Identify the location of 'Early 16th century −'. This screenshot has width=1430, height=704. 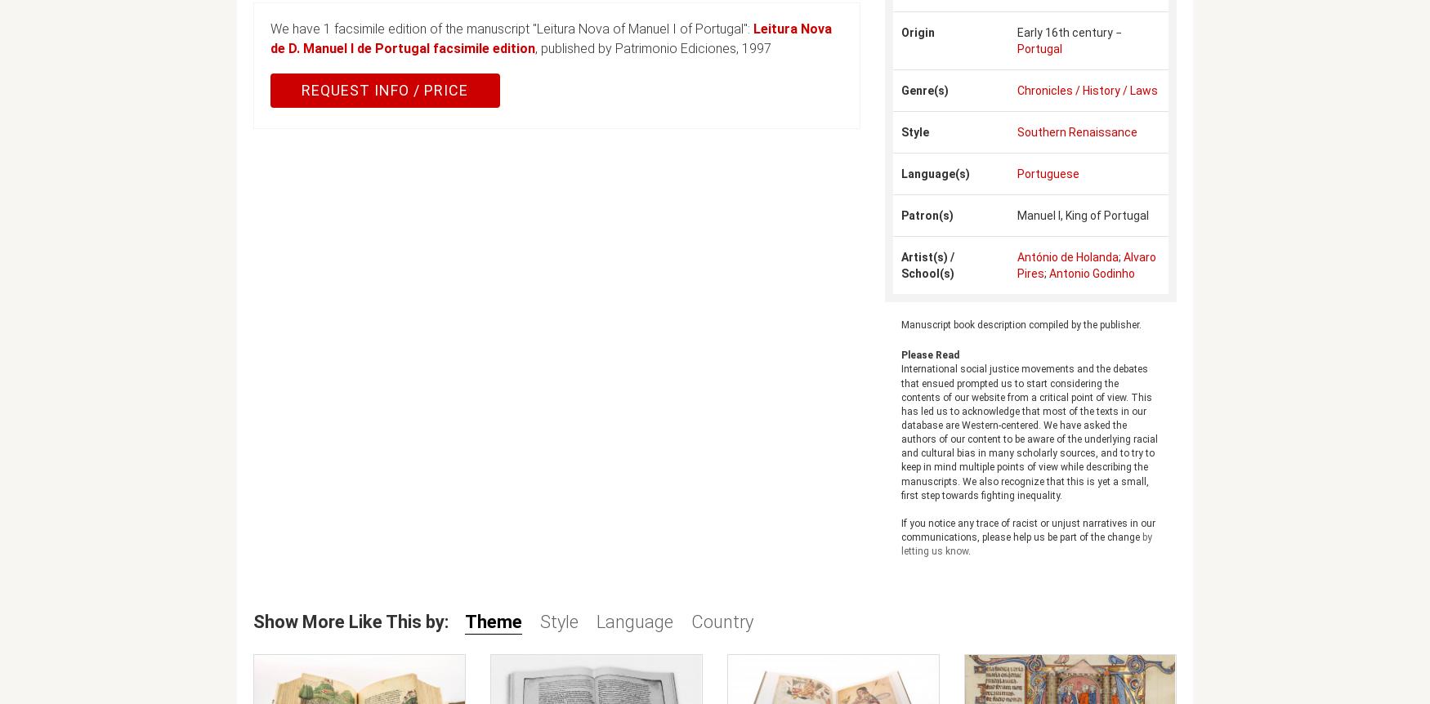
(1067, 32).